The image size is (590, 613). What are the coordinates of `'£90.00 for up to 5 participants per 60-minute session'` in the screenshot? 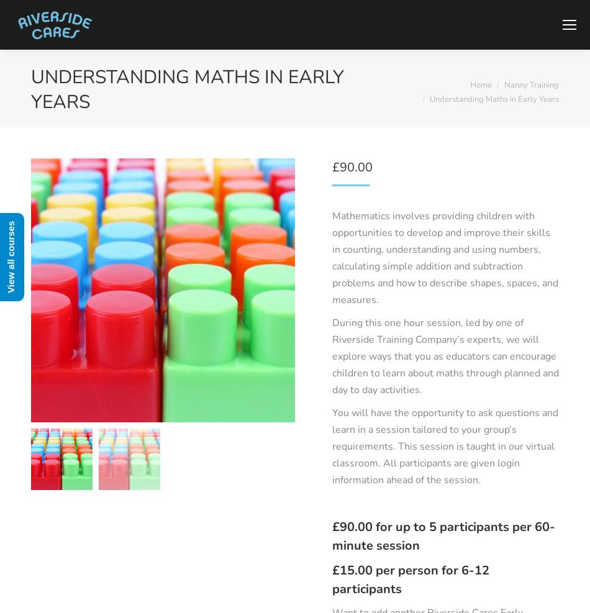 It's located at (443, 535).